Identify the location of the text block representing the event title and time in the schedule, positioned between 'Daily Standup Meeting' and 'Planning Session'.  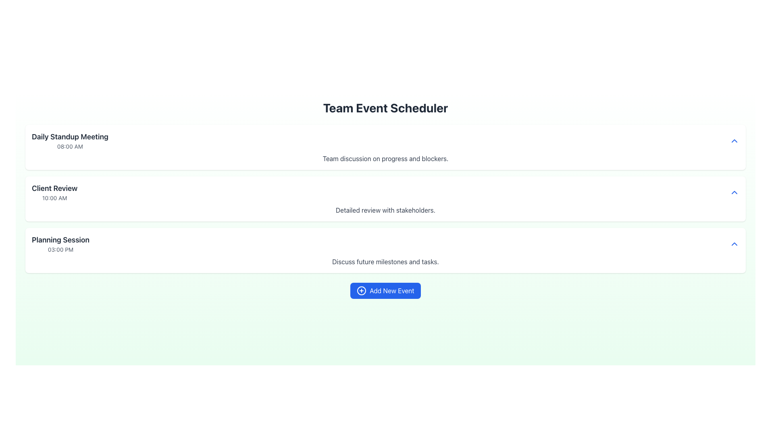
(54, 193).